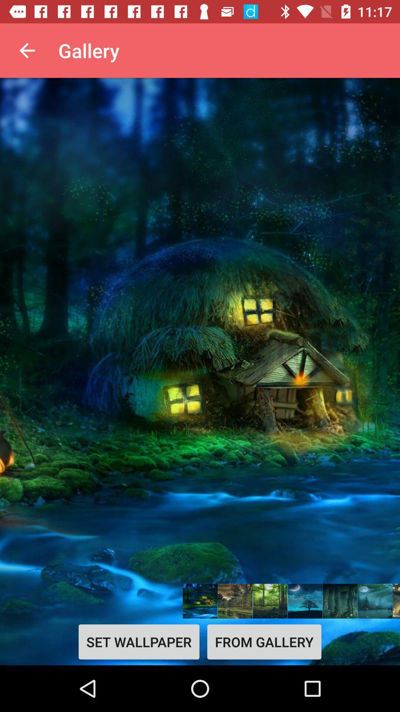 This screenshot has height=712, width=400. Describe the element at coordinates (139, 642) in the screenshot. I see `set wallpaper` at that location.